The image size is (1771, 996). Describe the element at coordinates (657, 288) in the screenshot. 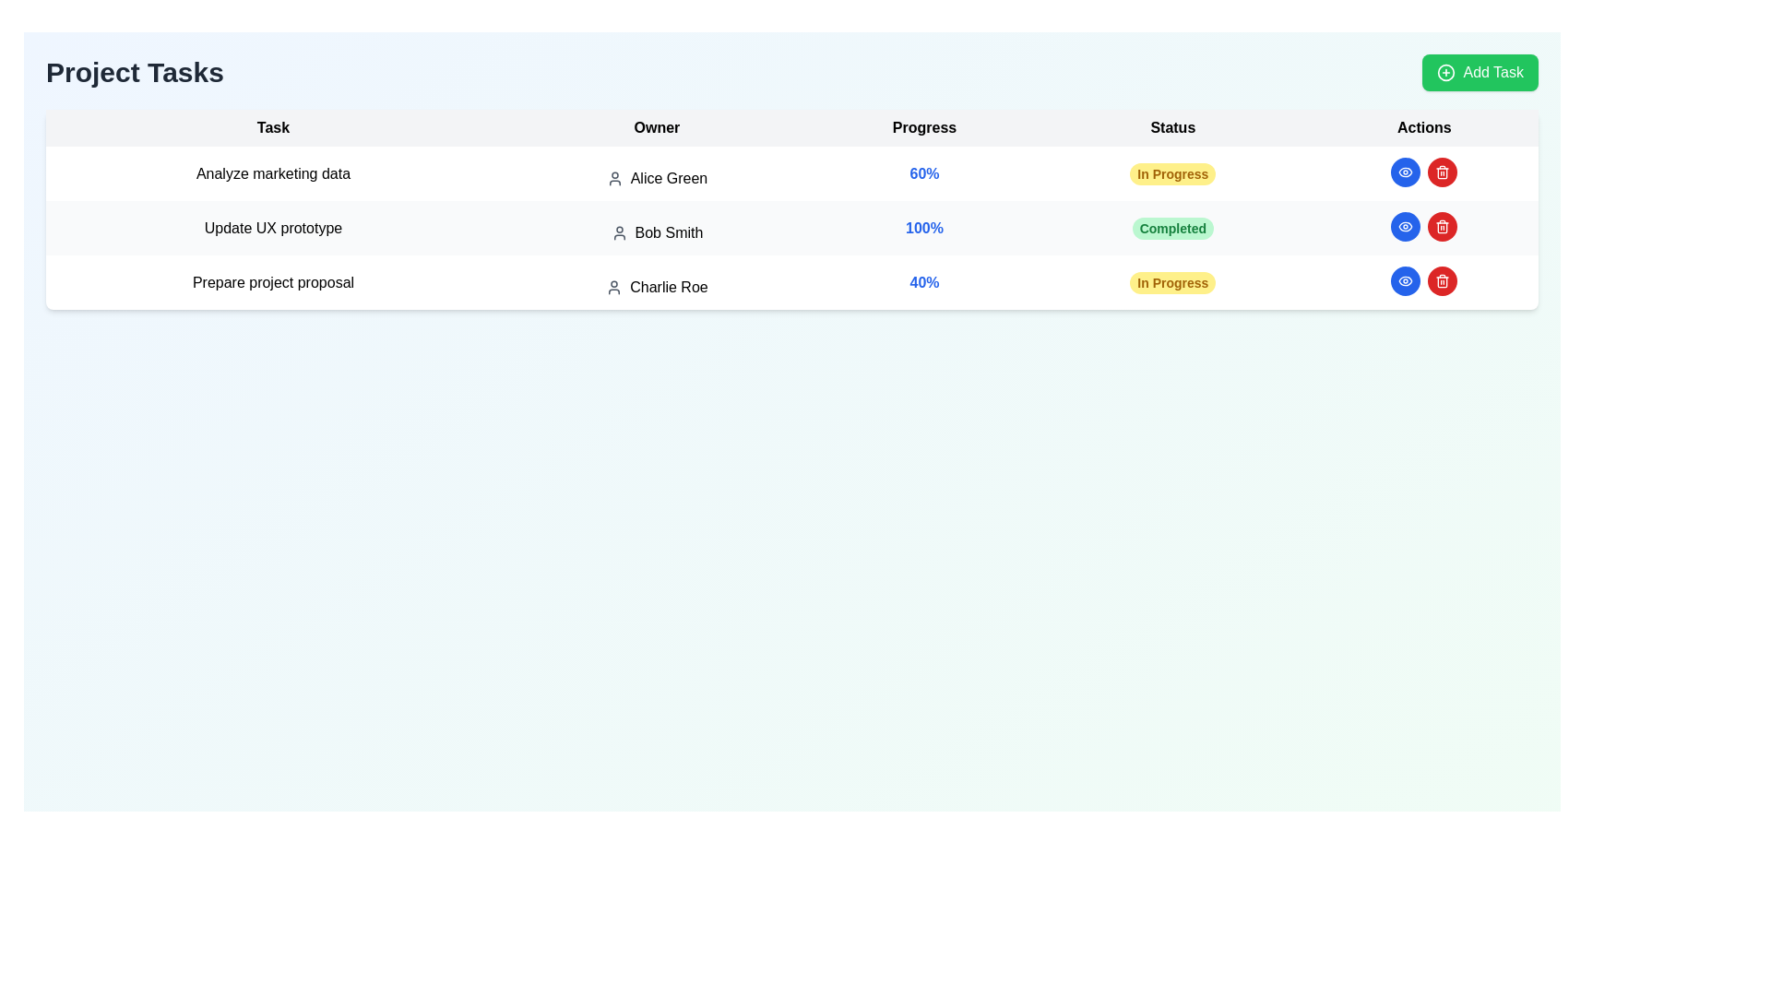

I see `the 'Charlie Roe' text with icon located in the 'Owner' column of the third row in the table, associated with the task 'Prepare project proposal'` at that location.